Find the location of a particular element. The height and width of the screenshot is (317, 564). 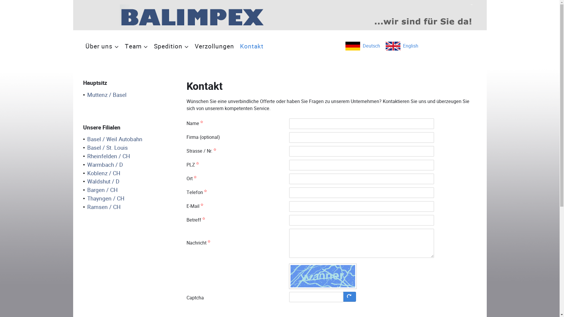

'English' is located at coordinates (401, 45).